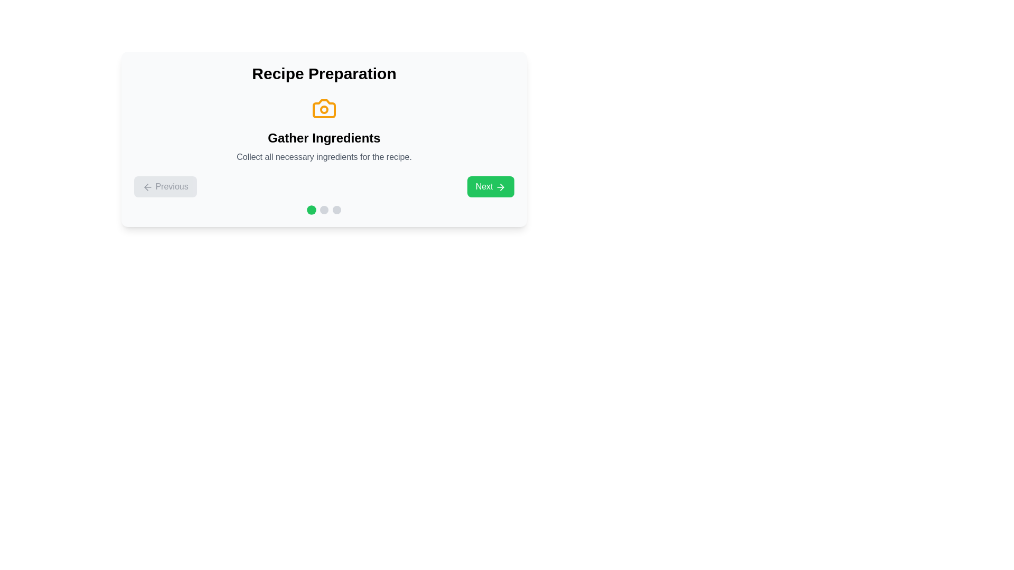  What do you see at coordinates (324, 110) in the screenshot?
I see `the central part of the camera icon, which is a bright amber circle representing the lens` at bounding box center [324, 110].